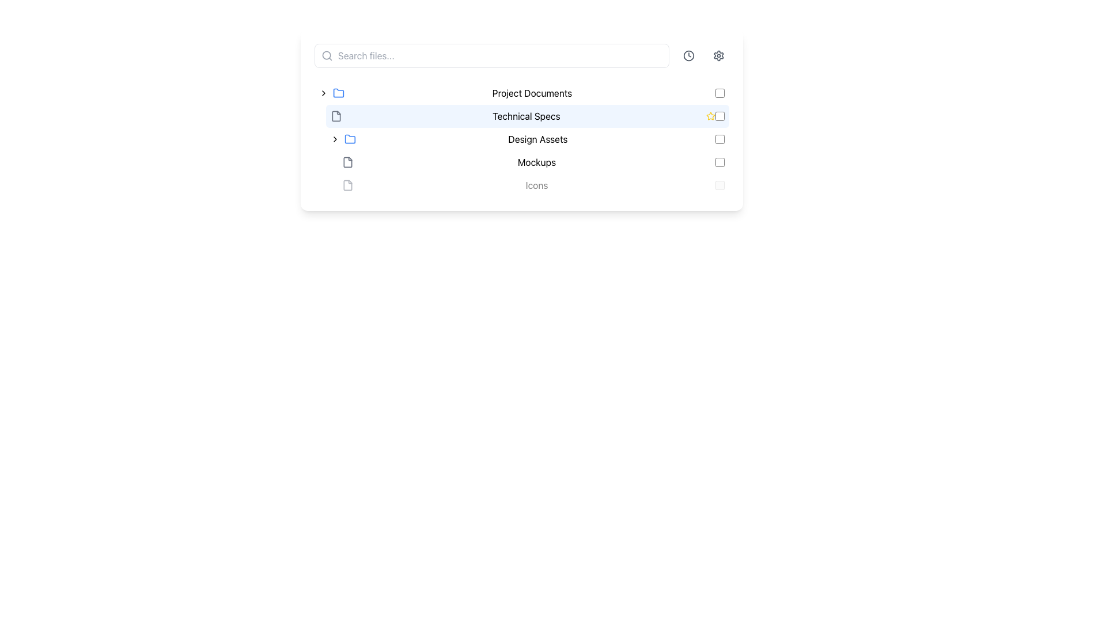 The height and width of the screenshot is (622, 1106). What do you see at coordinates (718, 55) in the screenshot?
I see `the gear-shaped icon located at the top-right corner of the interface` at bounding box center [718, 55].